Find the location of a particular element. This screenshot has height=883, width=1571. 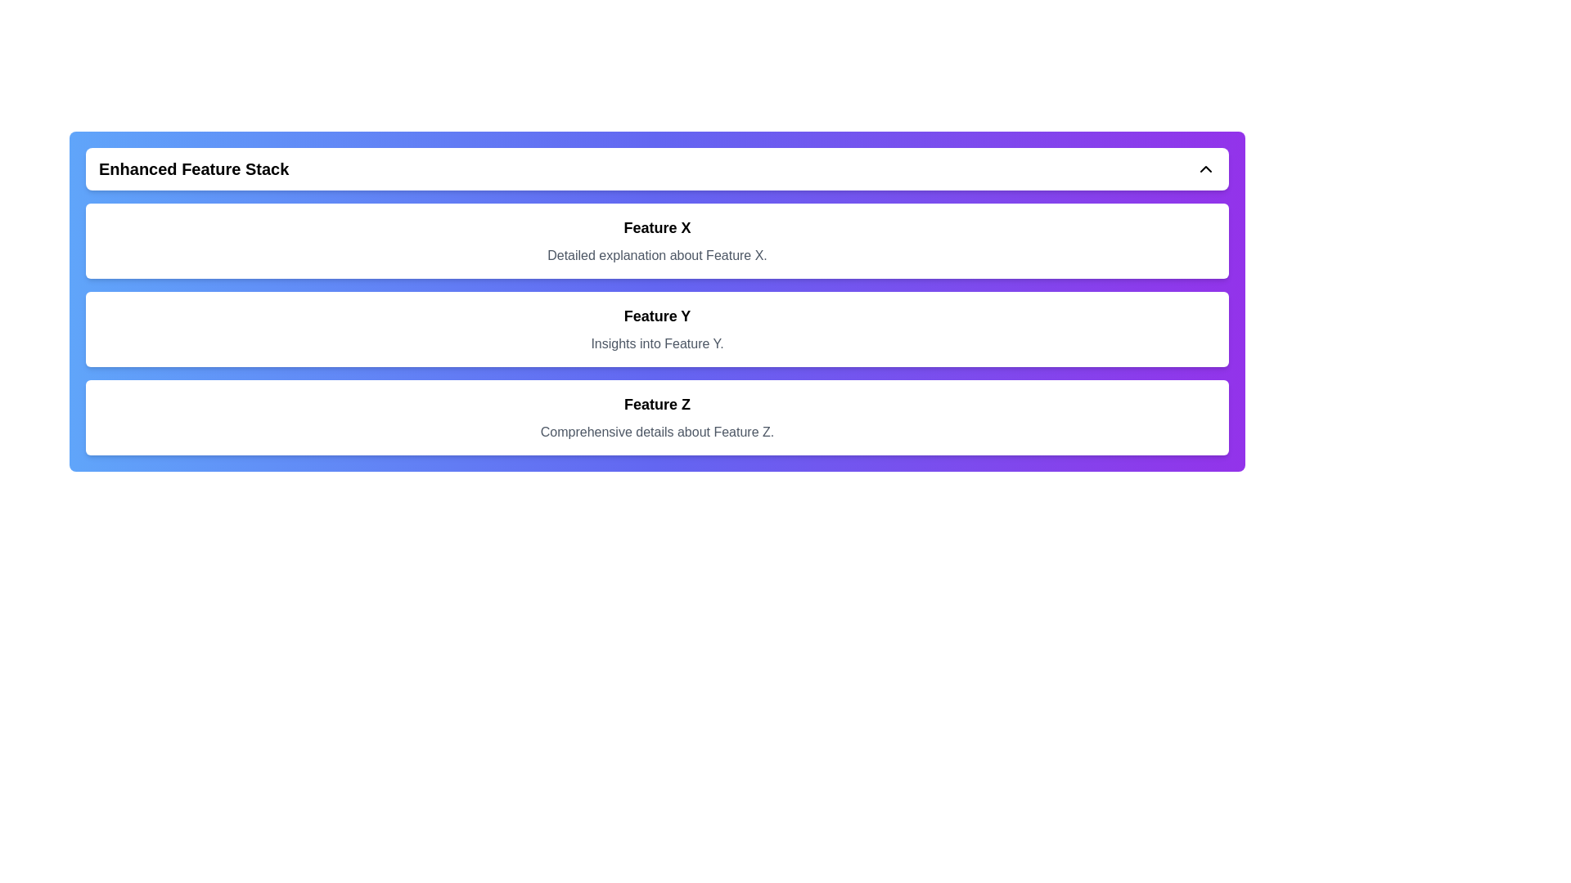

text label that displays the title or name of the feature, positioned above a descriptive text starting with 'Detailed explanation about Feature X.' is located at coordinates (657, 227).